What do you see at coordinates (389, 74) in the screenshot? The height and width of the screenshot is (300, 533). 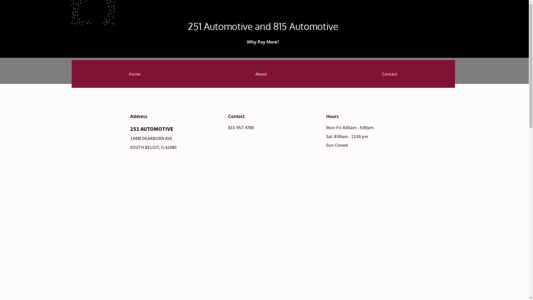 I see `'Contact'` at bounding box center [389, 74].